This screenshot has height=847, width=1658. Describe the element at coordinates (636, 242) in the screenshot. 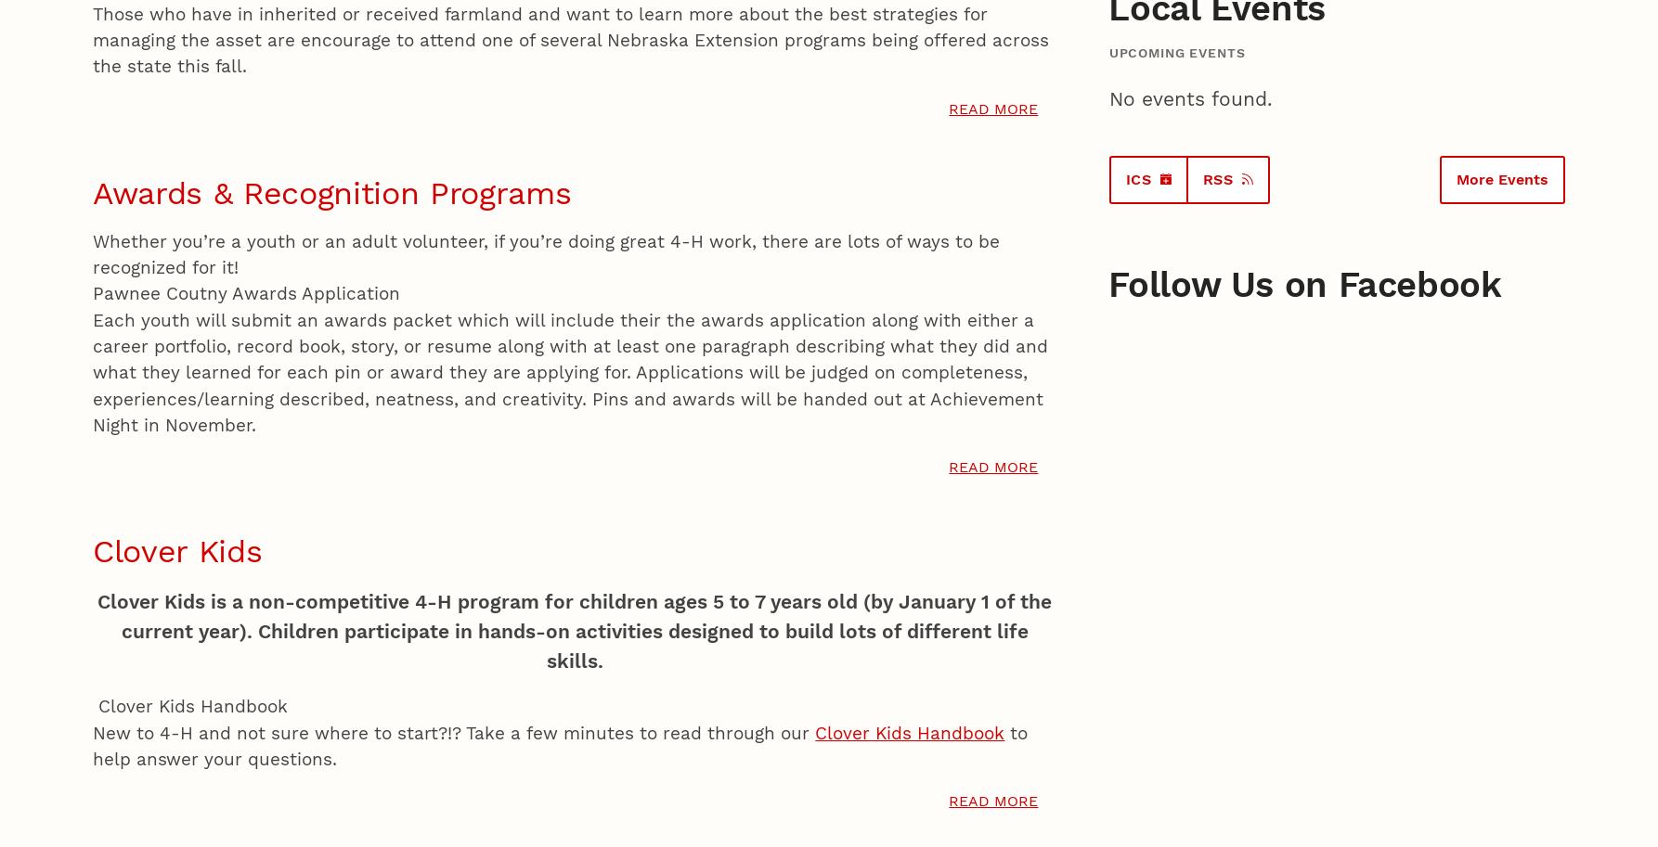

I see `'Rural Prosperity Nebraska is leading the charge on revolutionizing leadership development for Nebraska’s rural communities by hosting a leadership Chautauqua on Nov. 8 in Kearney.'` at that location.